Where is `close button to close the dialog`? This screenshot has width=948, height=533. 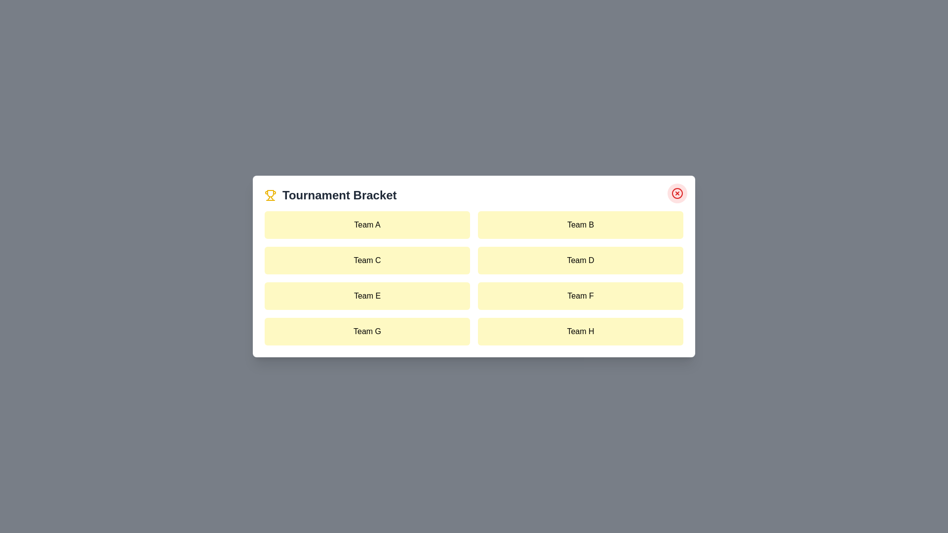
close button to close the dialog is located at coordinates (677, 193).